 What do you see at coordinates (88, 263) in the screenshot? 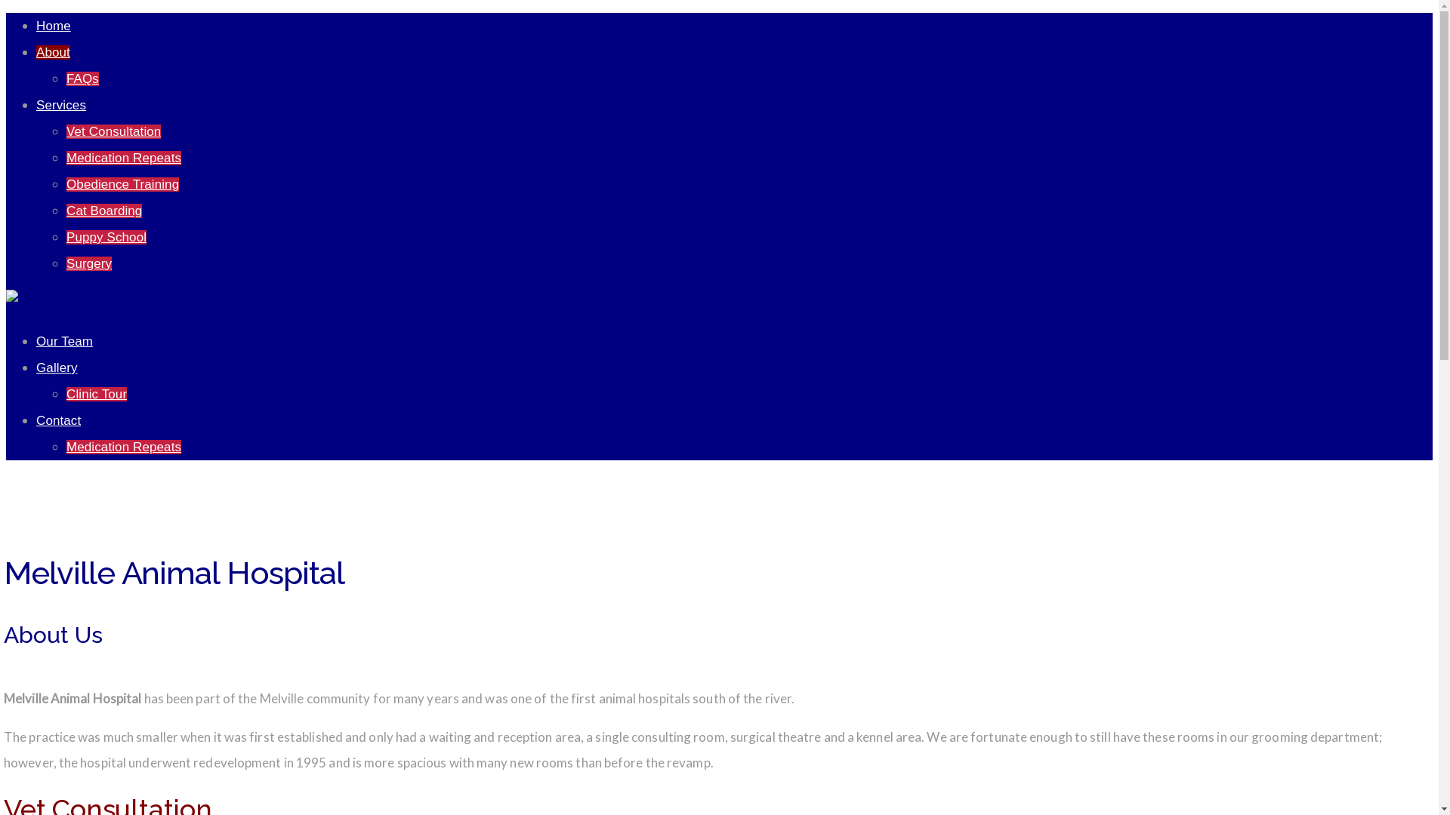
I see `'Surgery'` at bounding box center [88, 263].